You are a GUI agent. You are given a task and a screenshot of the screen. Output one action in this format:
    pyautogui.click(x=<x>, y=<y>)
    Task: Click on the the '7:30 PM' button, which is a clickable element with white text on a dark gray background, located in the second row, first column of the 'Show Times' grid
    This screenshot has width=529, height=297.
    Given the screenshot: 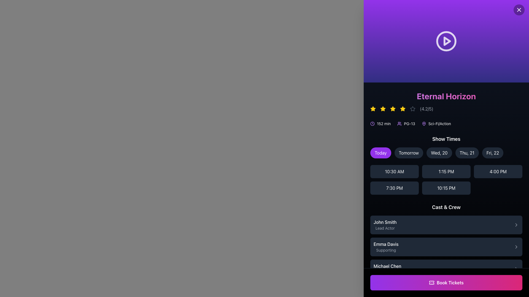 What is the action you would take?
    pyautogui.click(x=394, y=188)
    